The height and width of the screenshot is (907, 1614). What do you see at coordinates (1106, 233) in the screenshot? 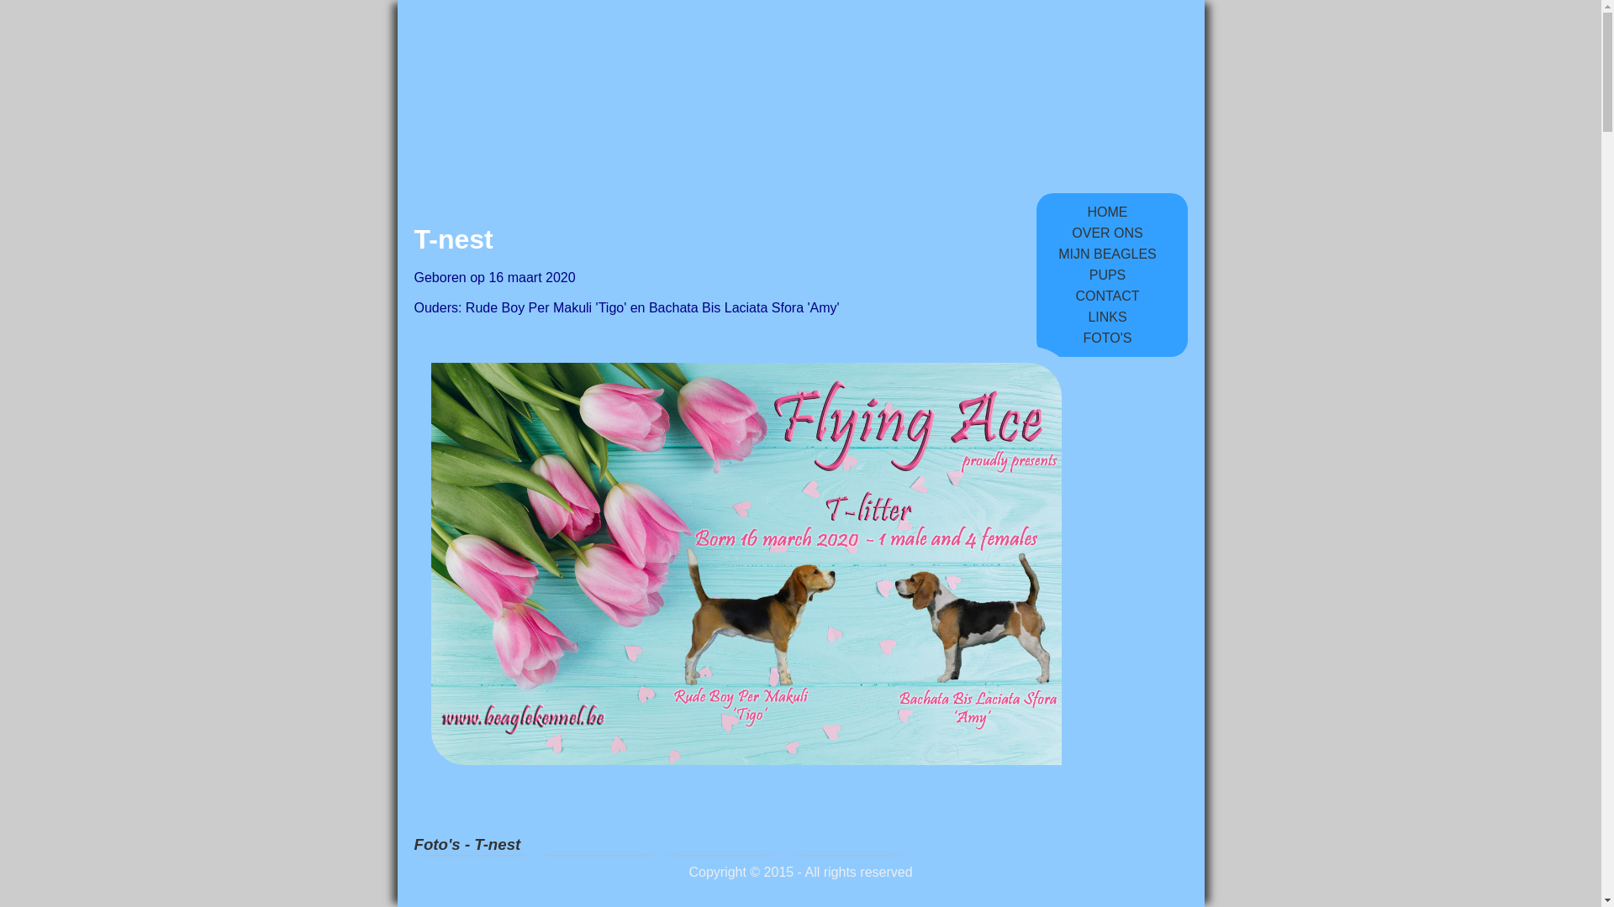
I see `'OVER ONS'` at bounding box center [1106, 233].